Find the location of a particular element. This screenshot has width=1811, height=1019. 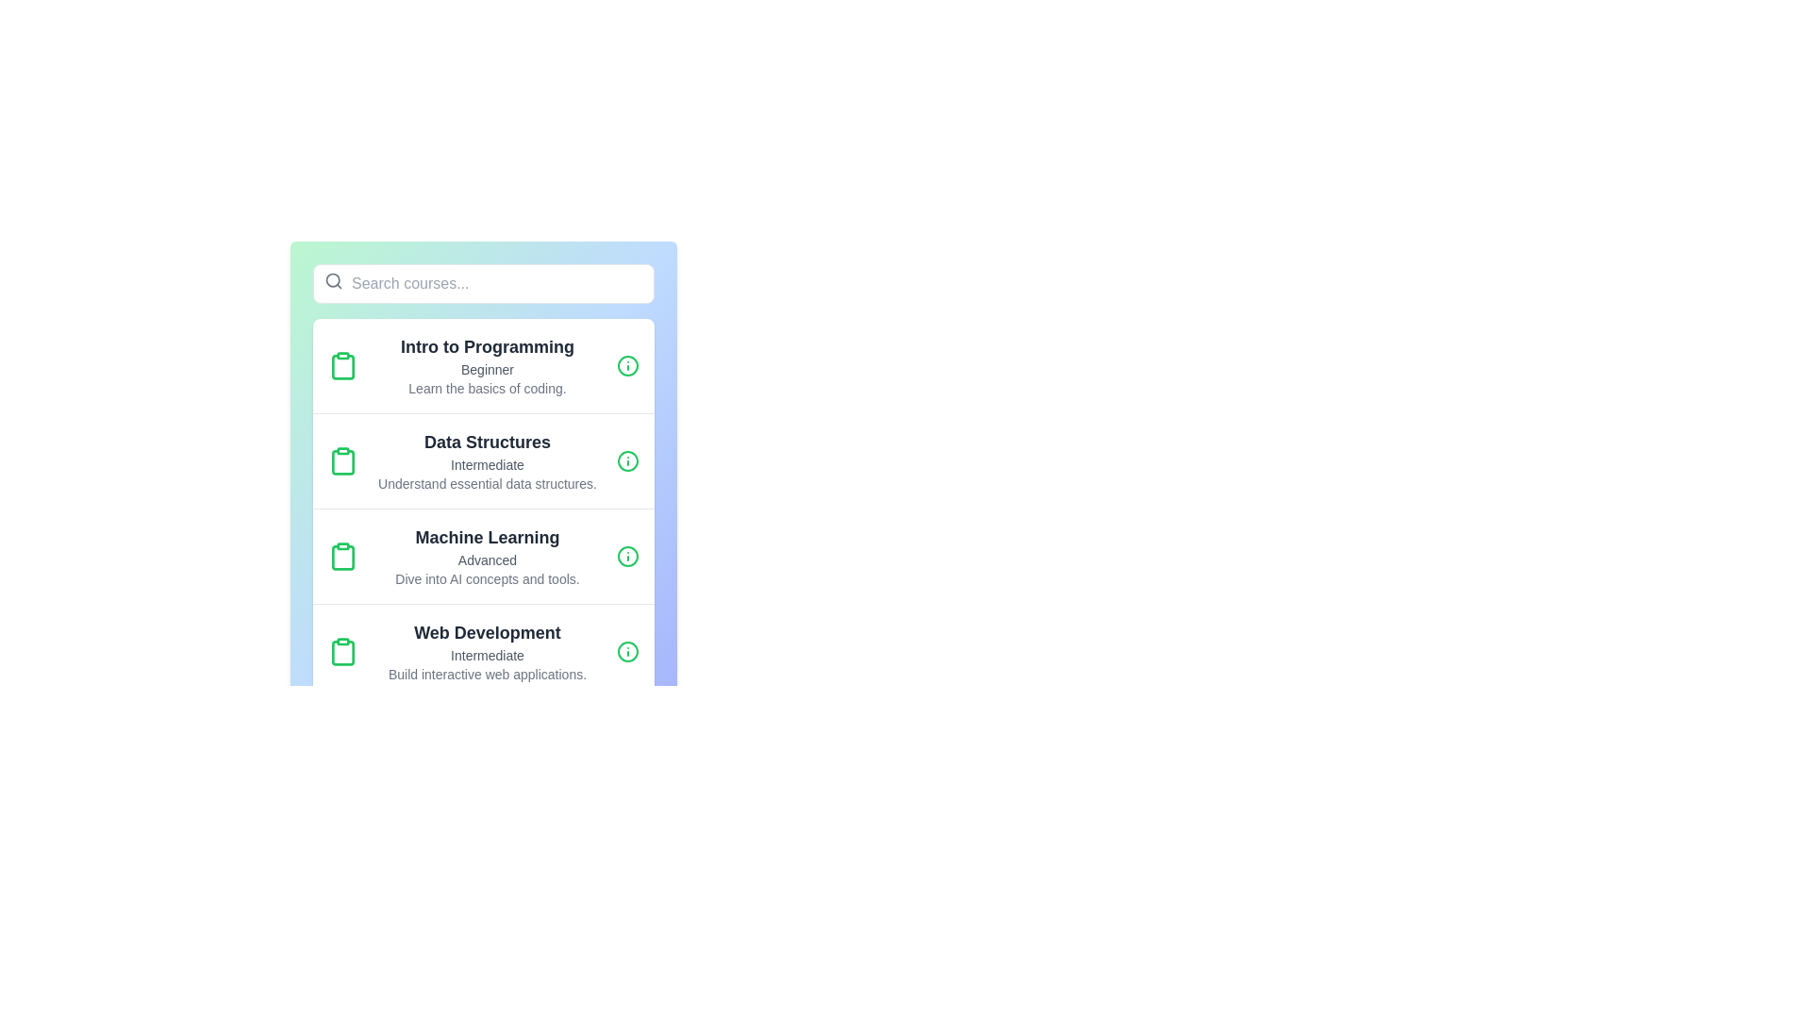

the circular outline element with a green stroke in the SVG graphic, located to the right of the 'Intro to Programming' course item is located at coordinates (628, 366).